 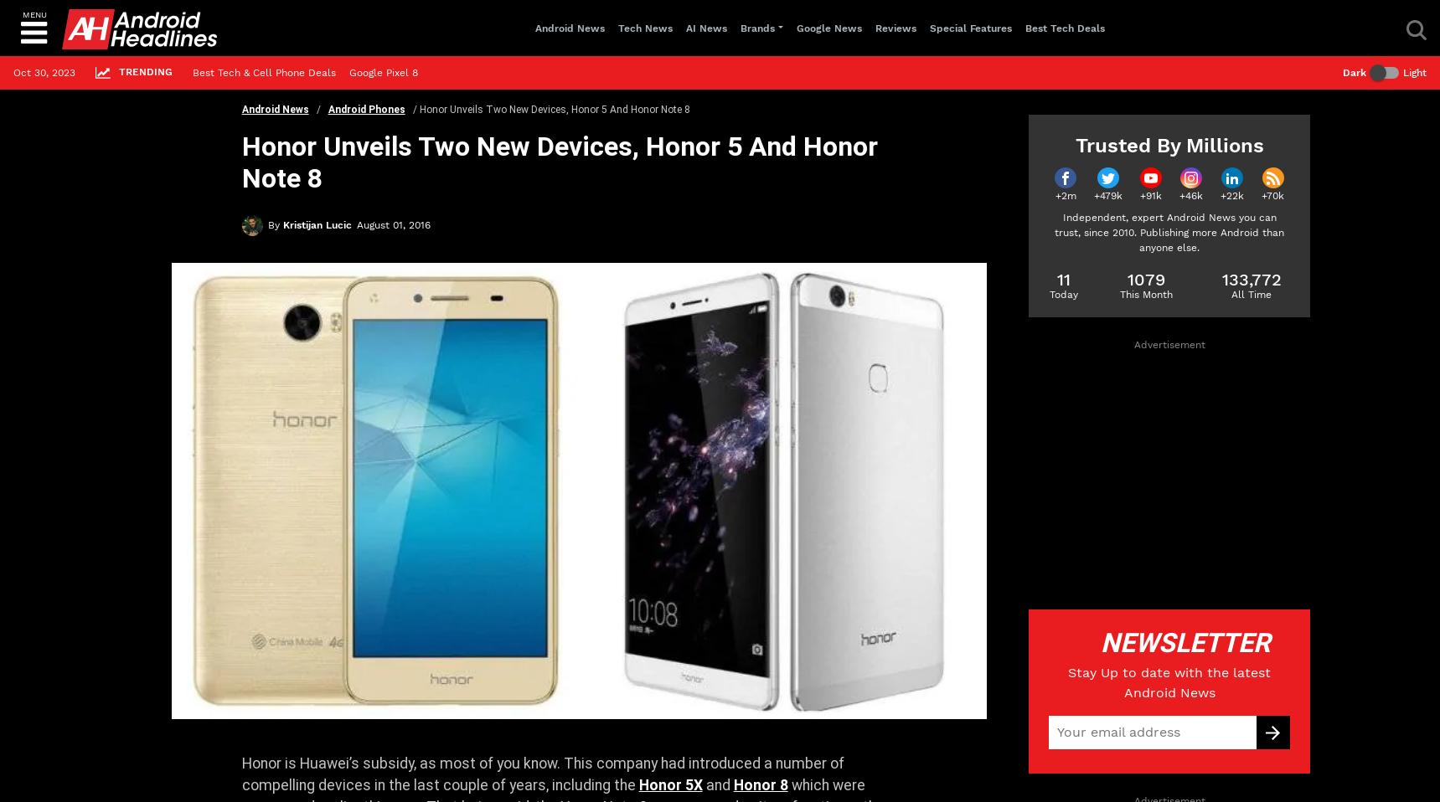 What do you see at coordinates (1251, 293) in the screenshot?
I see `'All Time'` at bounding box center [1251, 293].